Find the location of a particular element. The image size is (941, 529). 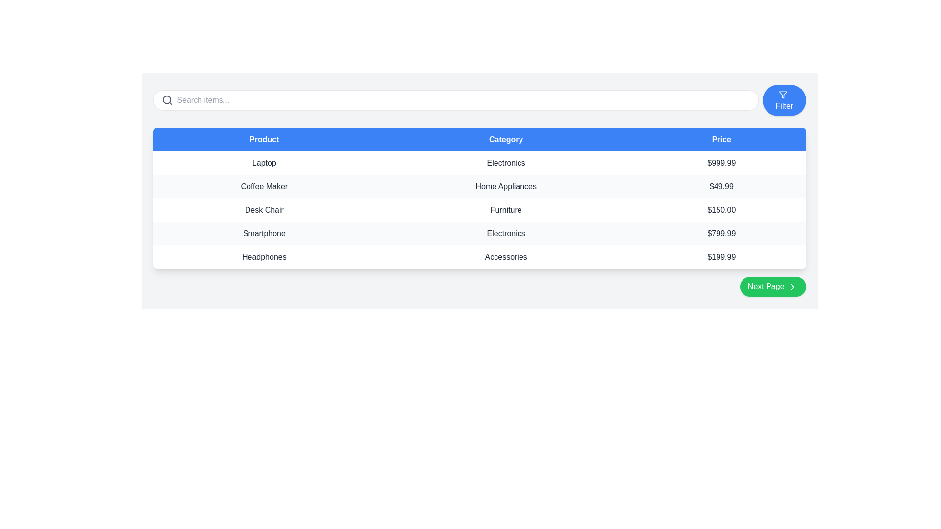

the fourth row of the product table, which contains the product name 'Smartphone', the category 'Electronics', and the price '$799.99' is located at coordinates (480, 234).